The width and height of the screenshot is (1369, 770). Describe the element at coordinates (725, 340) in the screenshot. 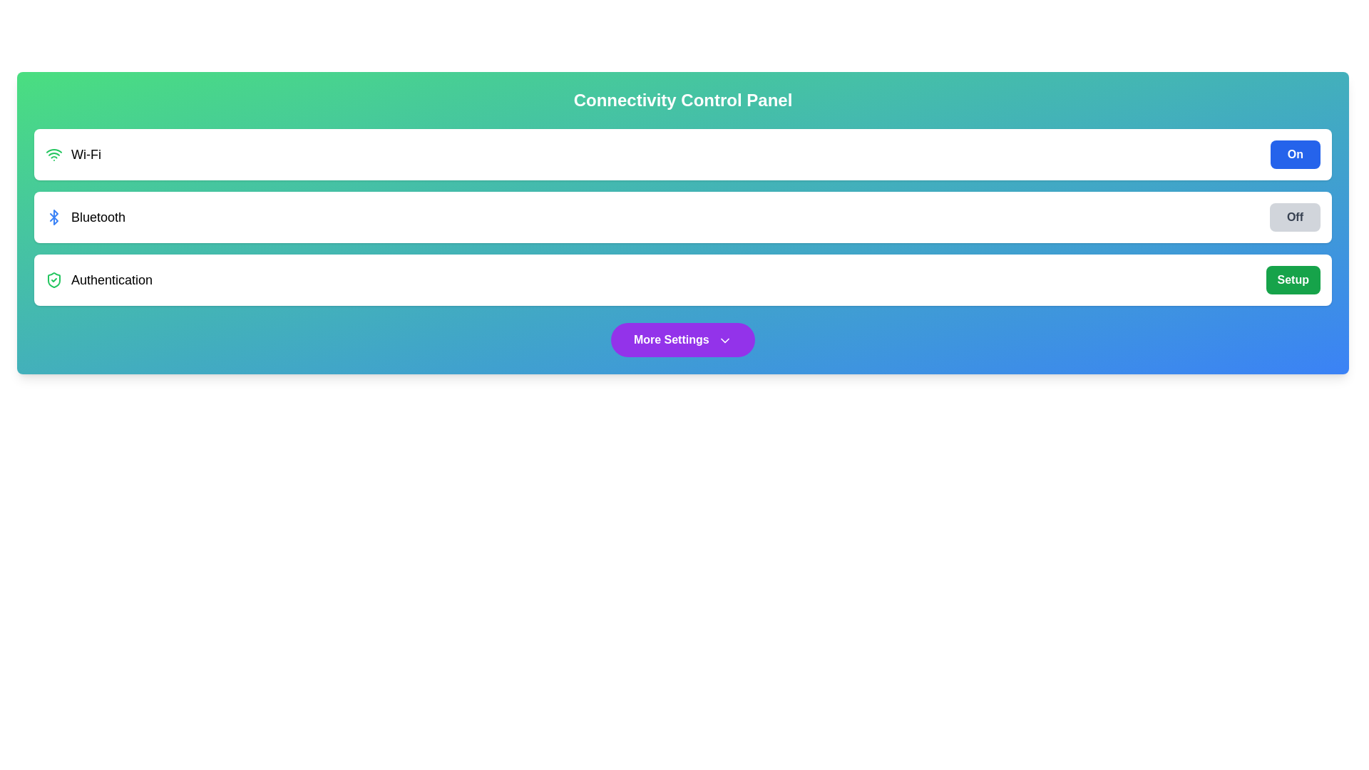

I see `the chevron-down icon located on the right side of the 'More Settings' button` at that location.